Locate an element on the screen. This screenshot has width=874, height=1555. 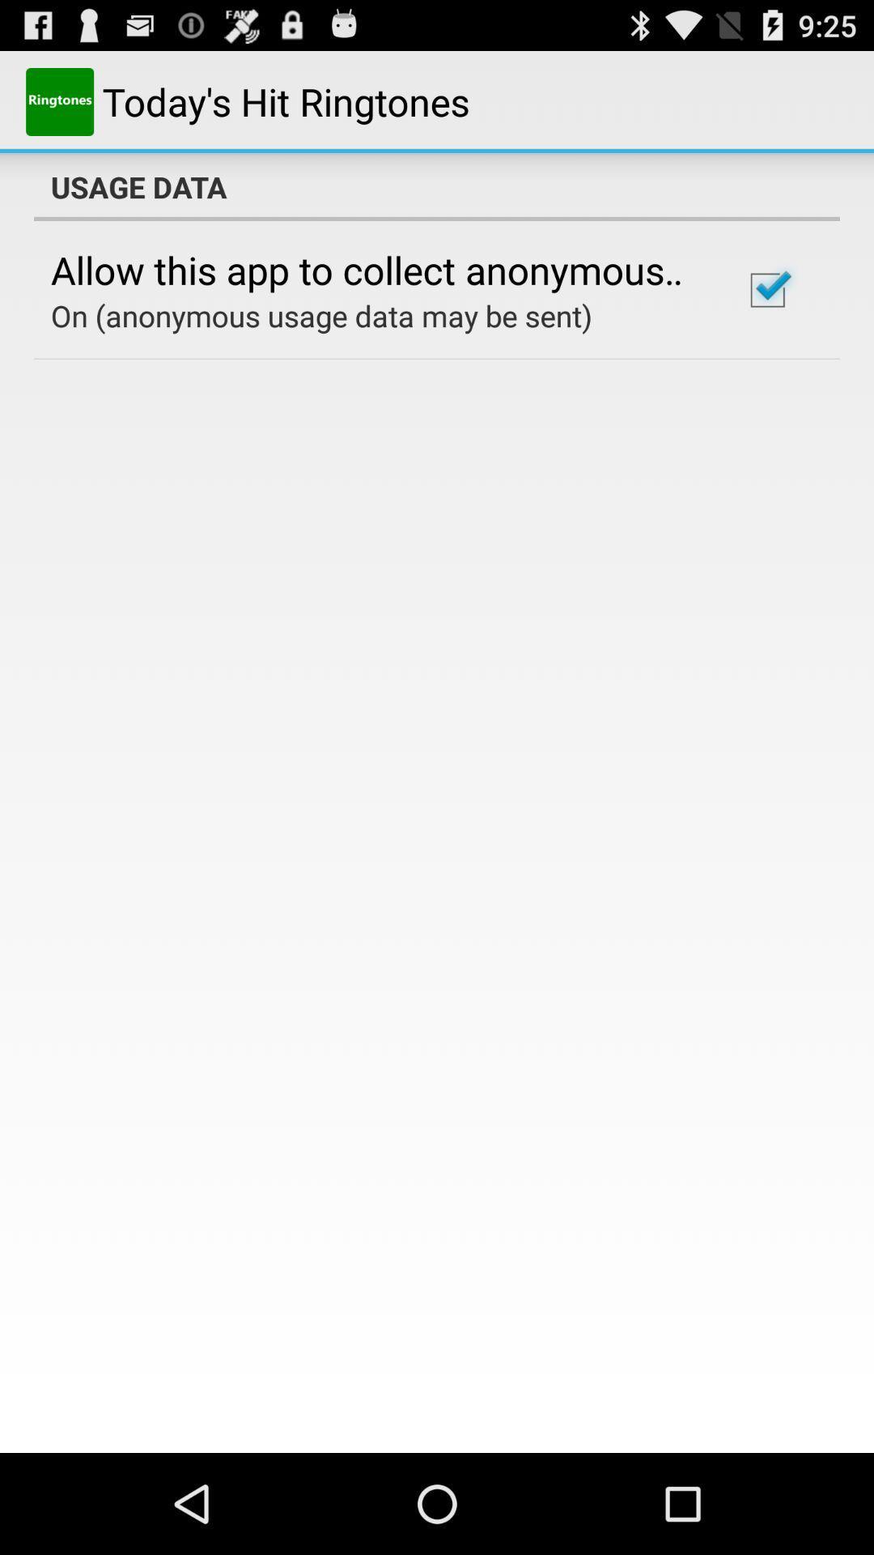
icon above on anonymous usage icon is located at coordinates (375, 270).